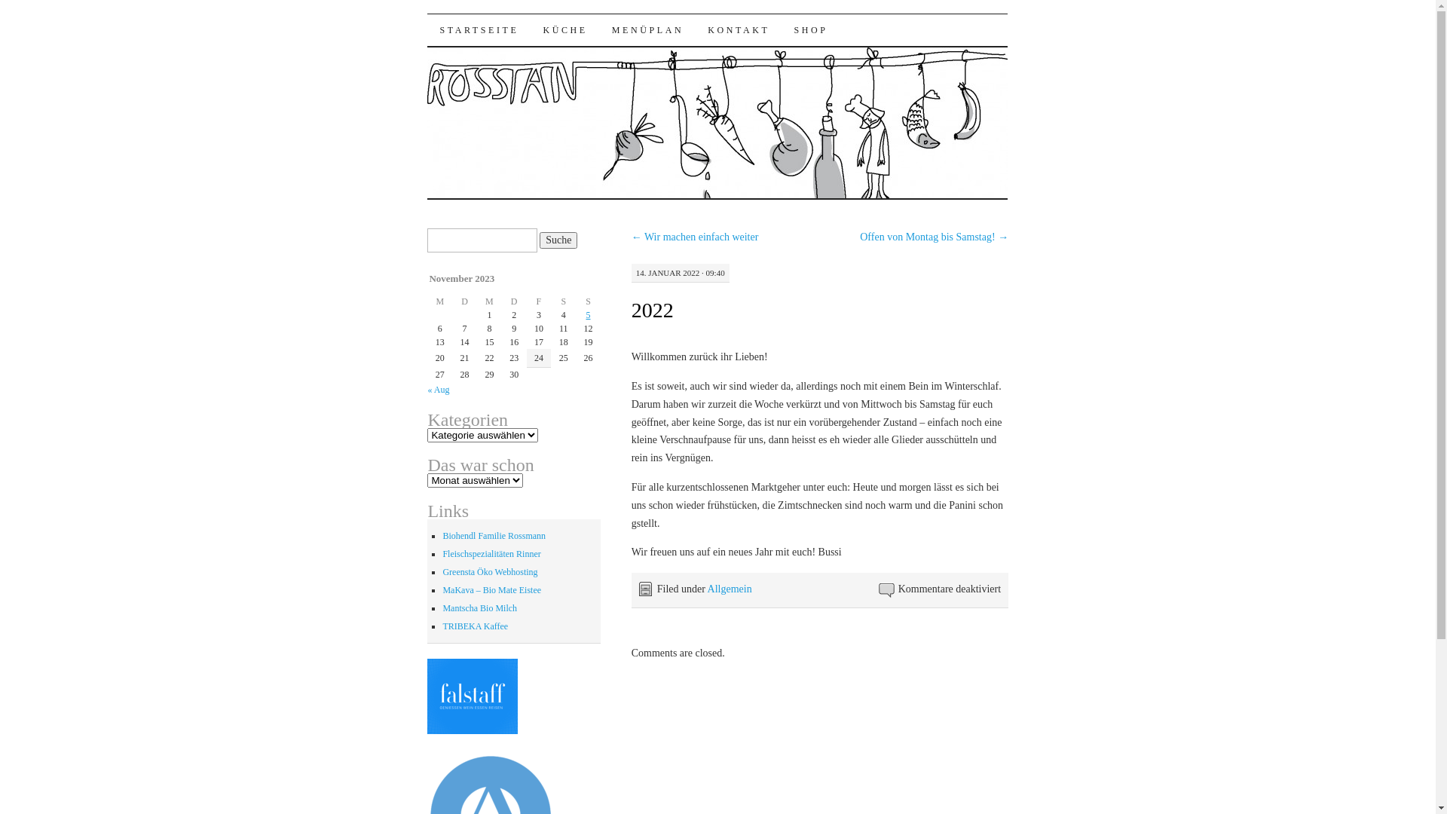 This screenshot has height=814, width=1447. I want to click on 'KONTAKT', so click(738, 29).